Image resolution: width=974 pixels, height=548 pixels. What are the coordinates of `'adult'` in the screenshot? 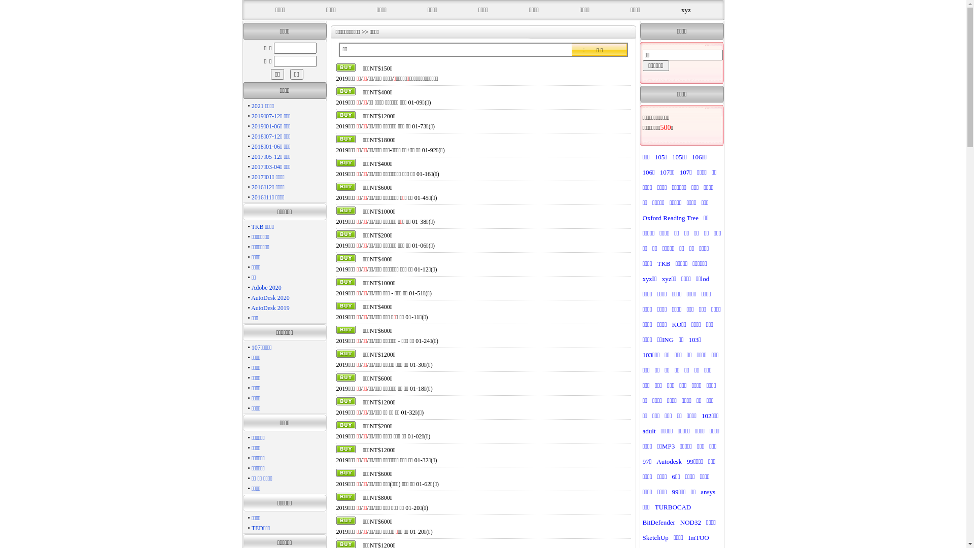 It's located at (648, 431).